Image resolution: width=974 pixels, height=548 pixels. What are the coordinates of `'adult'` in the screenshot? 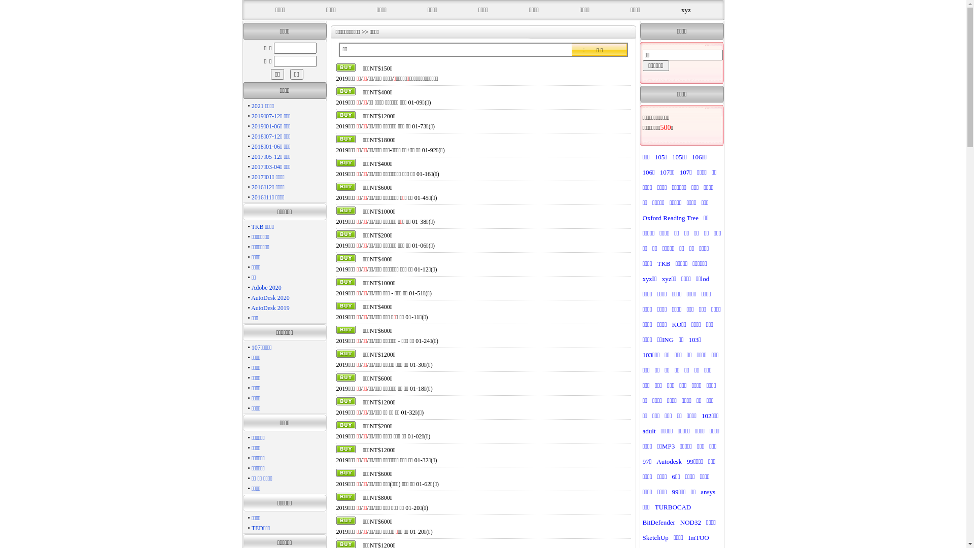 It's located at (648, 431).